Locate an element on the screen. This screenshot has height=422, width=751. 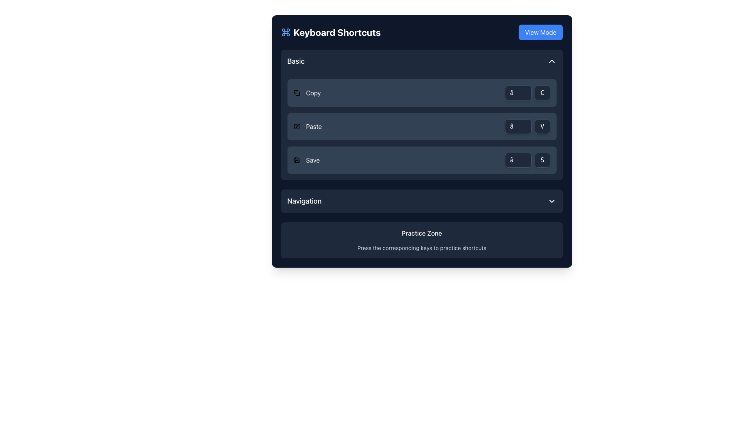
the 'Paste' keyboard shortcut label, which is the second item in the vertical list under the 'Basic' section of the 'Keyboard Shortcuts' interface is located at coordinates (314, 126).